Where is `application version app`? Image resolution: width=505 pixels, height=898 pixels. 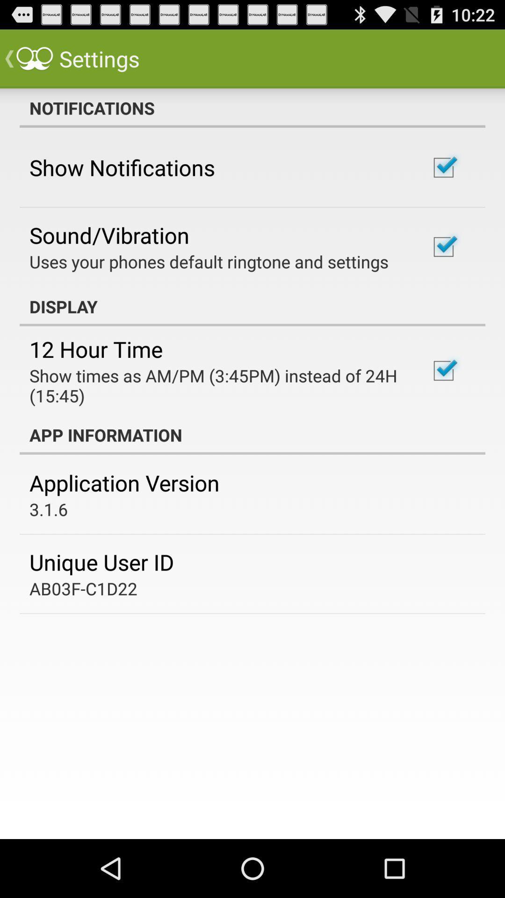
application version app is located at coordinates (124, 483).